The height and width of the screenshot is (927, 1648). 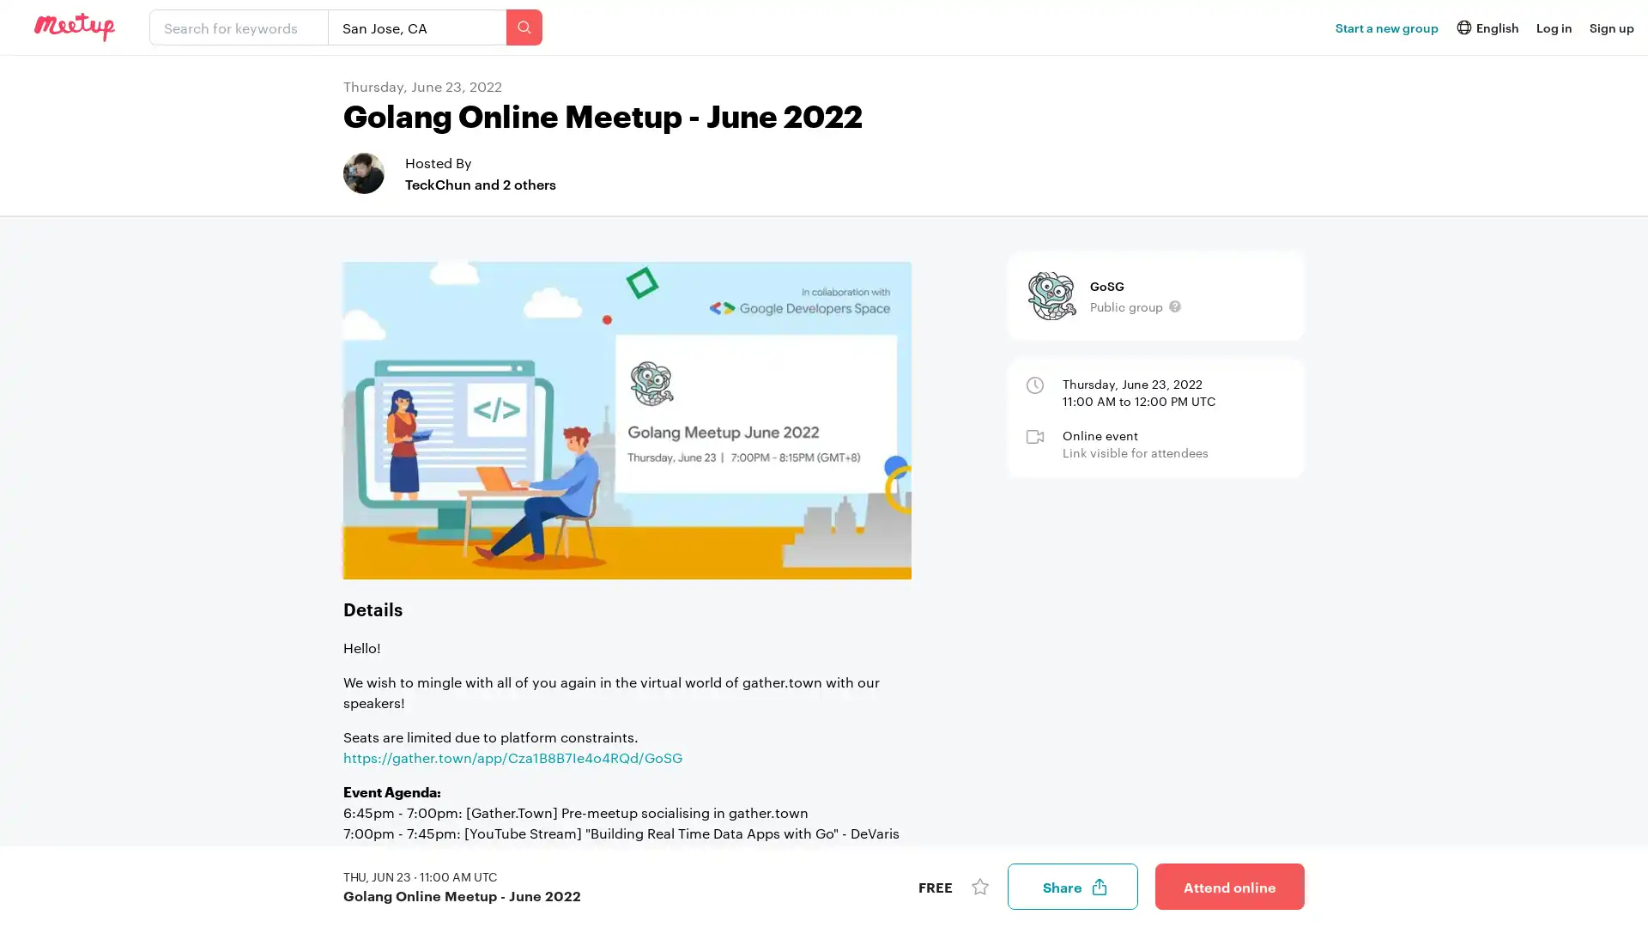 I want to click on Search events, so click(x=523, y=27).